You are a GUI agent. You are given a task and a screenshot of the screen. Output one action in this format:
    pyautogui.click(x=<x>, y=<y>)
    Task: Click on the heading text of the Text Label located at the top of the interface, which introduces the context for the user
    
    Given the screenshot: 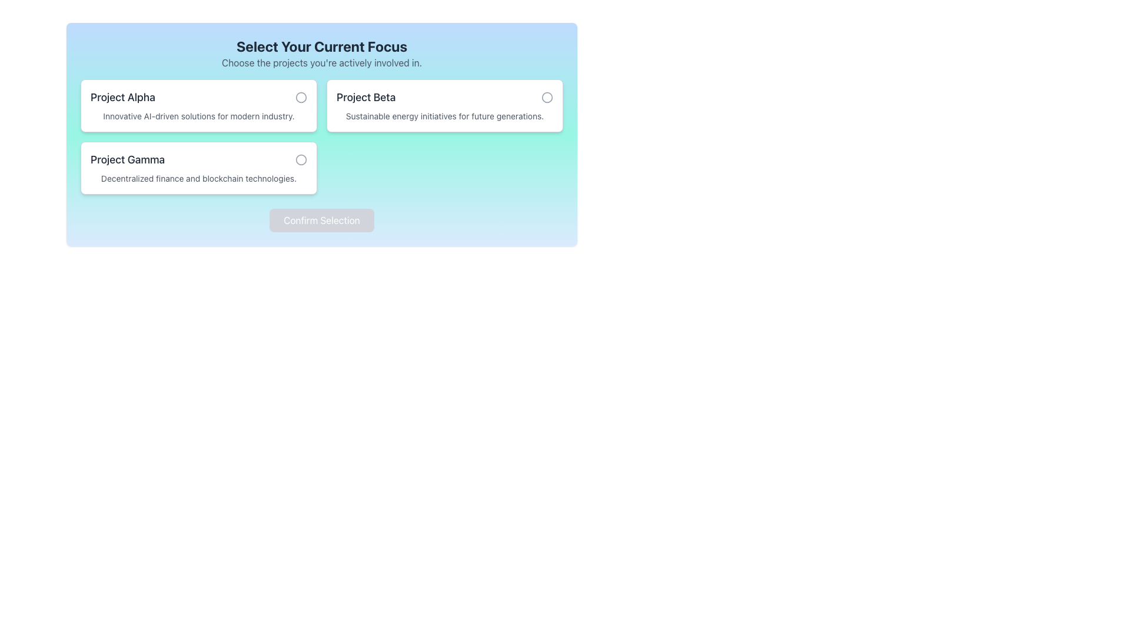 What is the action you would take?
    pyautogui.click(x=322, y=45)
    